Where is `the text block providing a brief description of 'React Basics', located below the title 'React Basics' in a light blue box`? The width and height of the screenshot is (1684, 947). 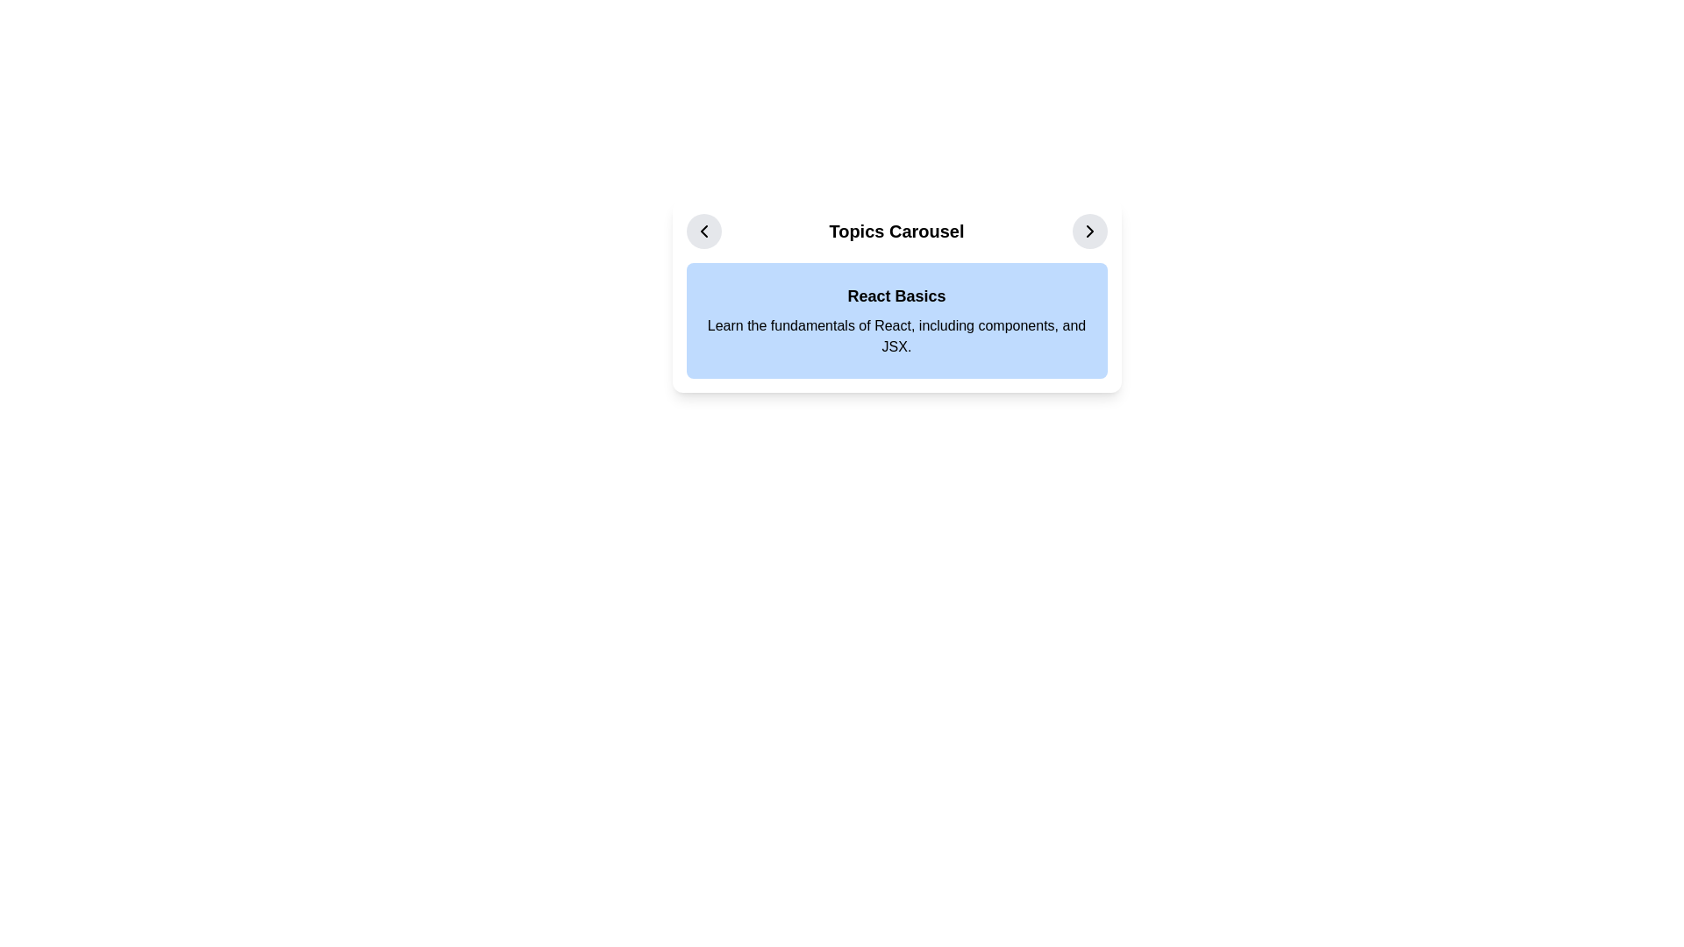 the text block providing a brief description of 'React Basics', located below the title 'React Basics' in a light blue box is located at coordinates (896, 337).